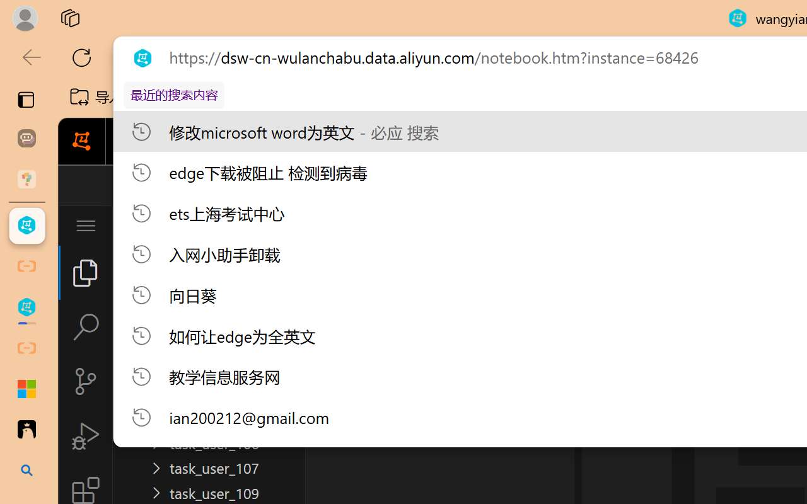 This screenshot has width=807, height=504. Describe the element at coordinates (247, 226) in the screenshot. I see `'Explorer actions'` at that location.